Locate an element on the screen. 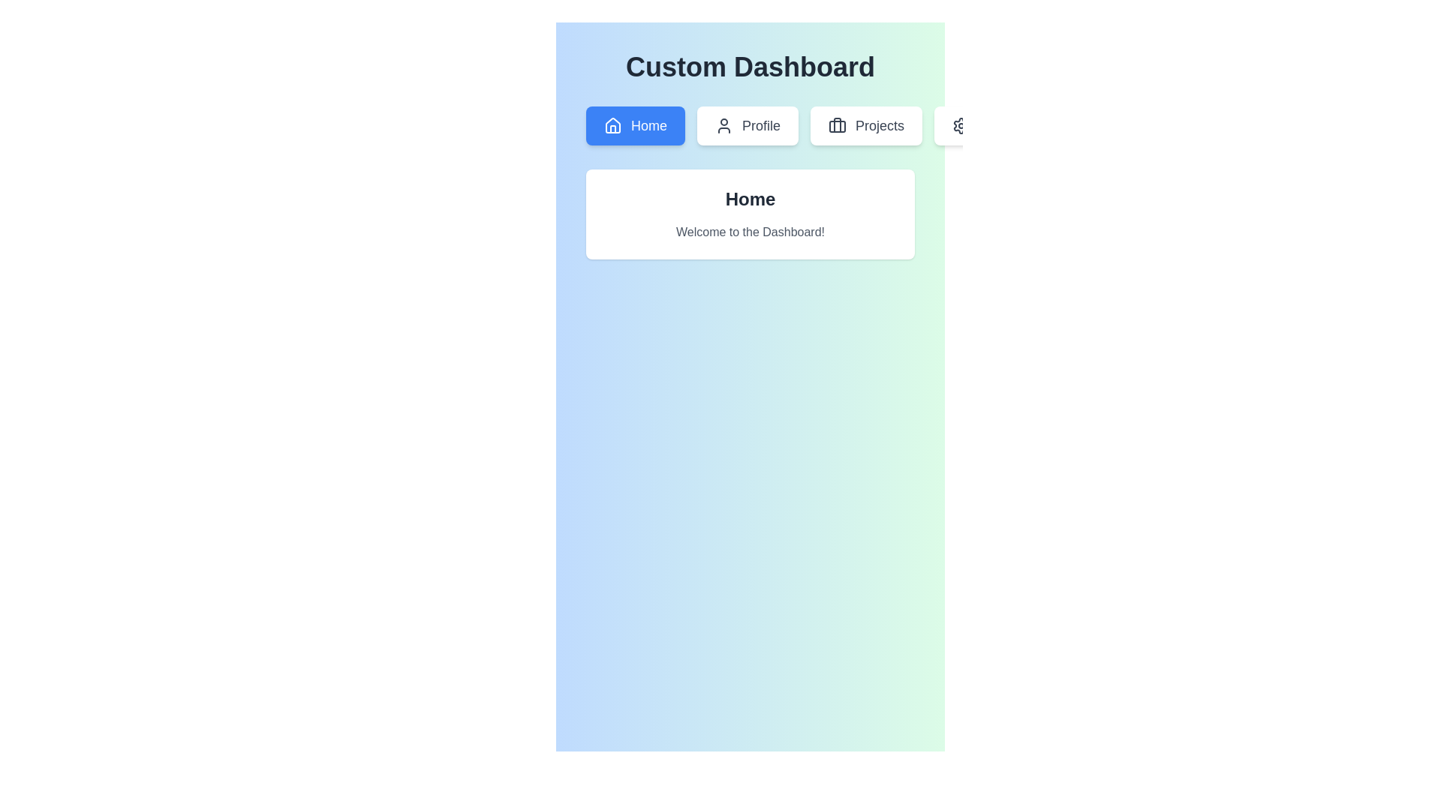 The width and height of the screenshot is (1441, 810). the house icon located inside the blue 'Home' button at the top of the navigation bar by moving the cursor to its center point is located at coordinates (612, 124).